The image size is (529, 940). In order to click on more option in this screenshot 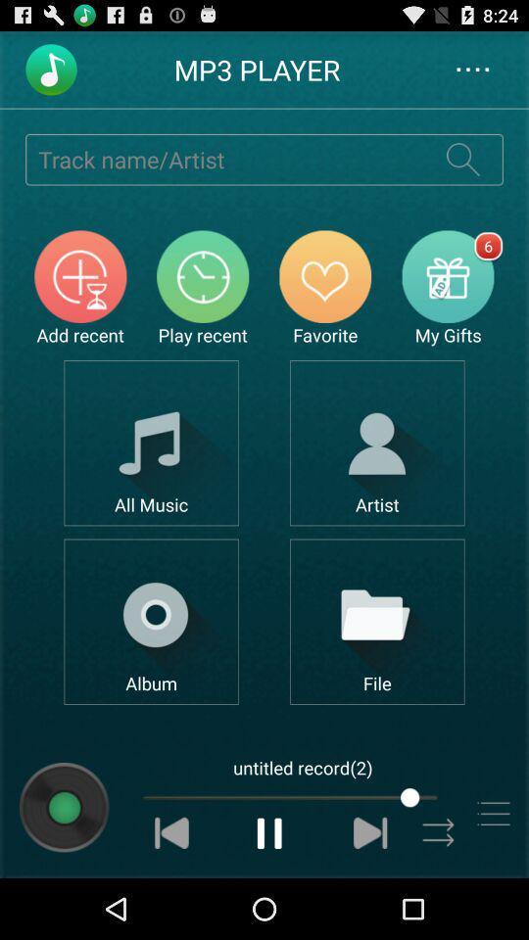, I will do `click(492, 814)`.